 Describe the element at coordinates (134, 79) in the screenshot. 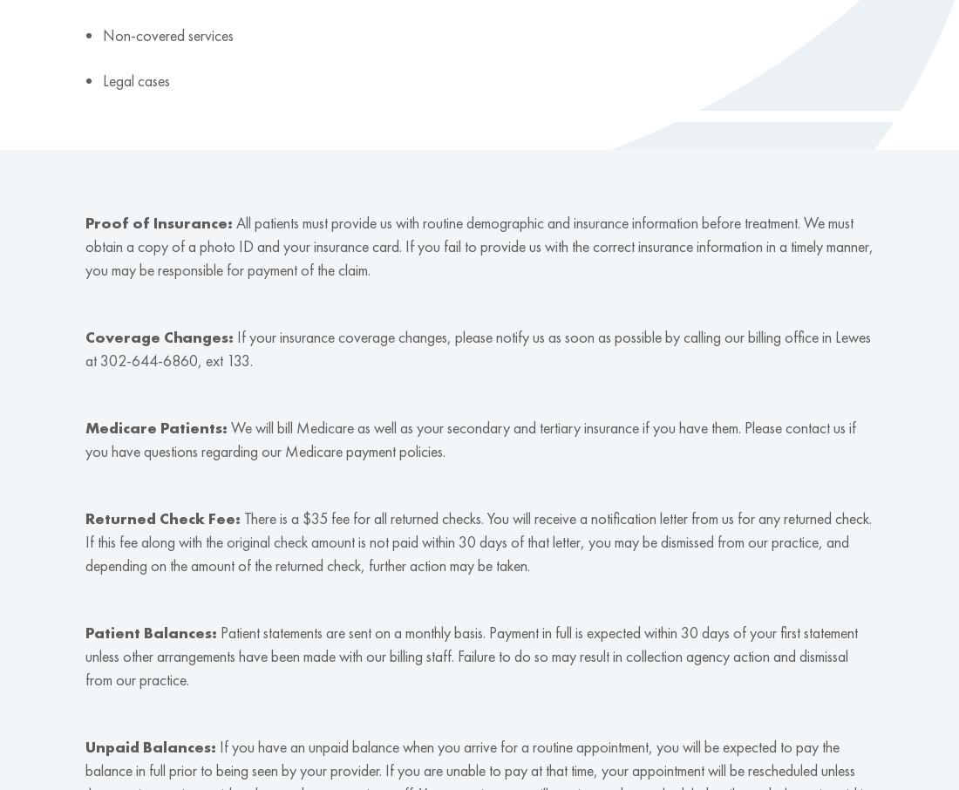

I see `'Legal cases'` at that location.